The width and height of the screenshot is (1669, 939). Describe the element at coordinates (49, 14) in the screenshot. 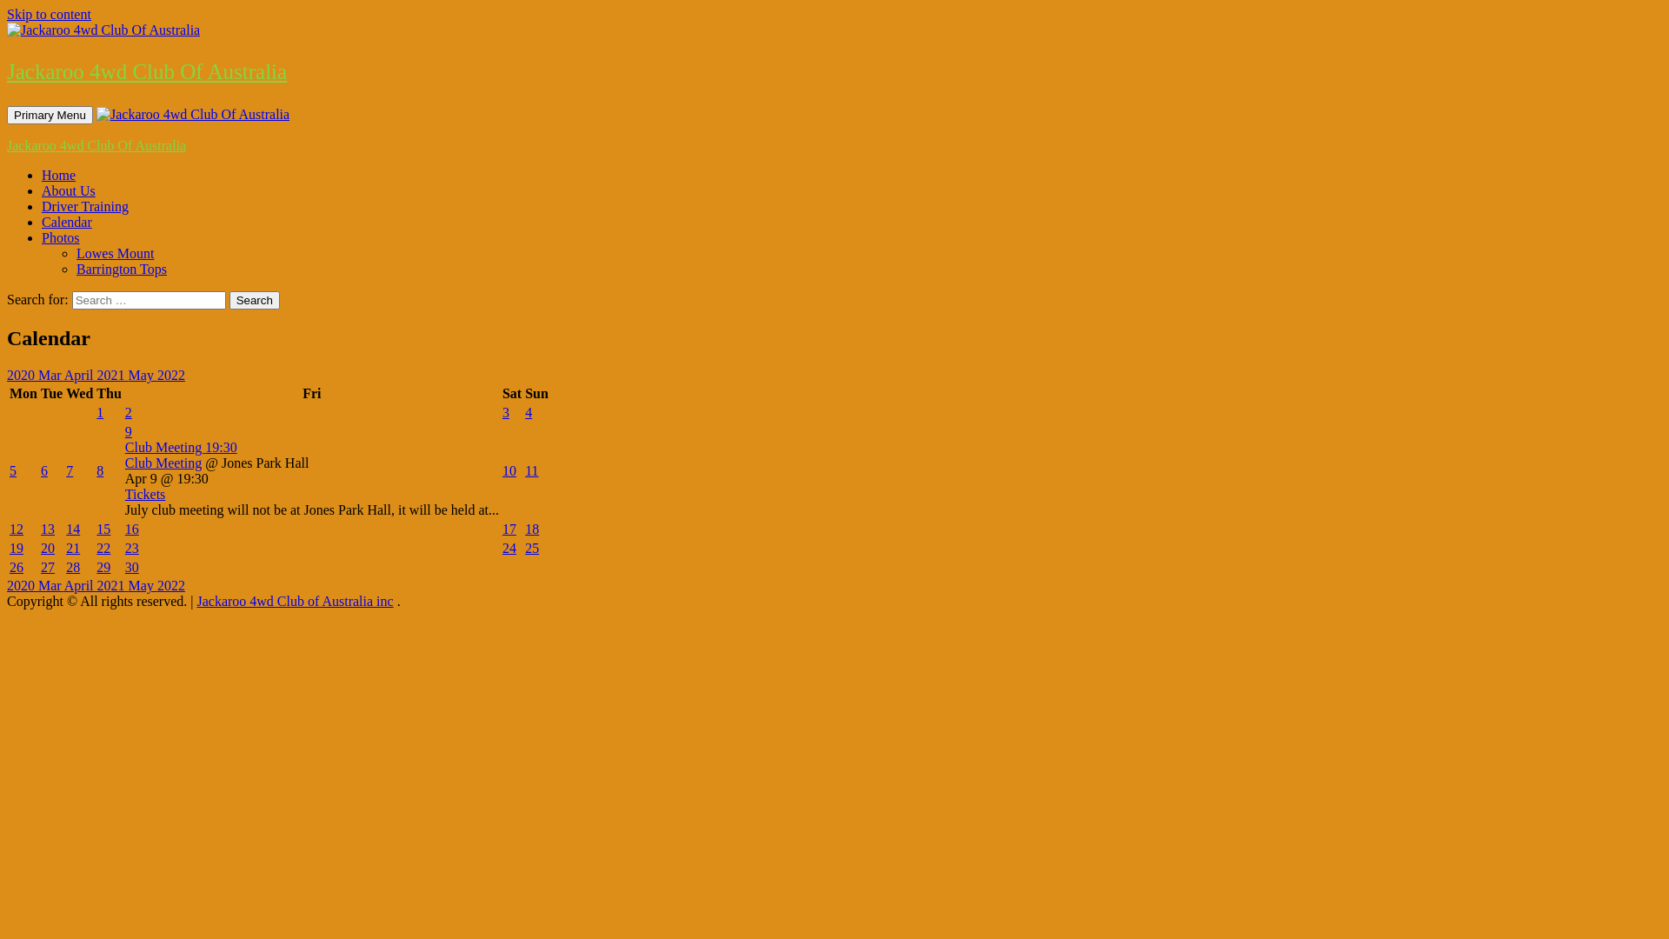

I see `'Skip to content'` at that location.